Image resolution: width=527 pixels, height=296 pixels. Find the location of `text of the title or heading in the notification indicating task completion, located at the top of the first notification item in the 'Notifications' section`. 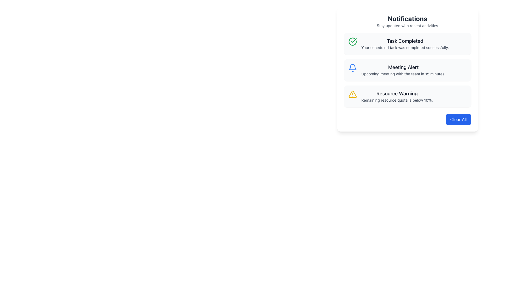

text of the title or heading in the notification indicating task completion, located at the top of the first notification item in the 'Notifications' section is located at coordinates (405, 41).